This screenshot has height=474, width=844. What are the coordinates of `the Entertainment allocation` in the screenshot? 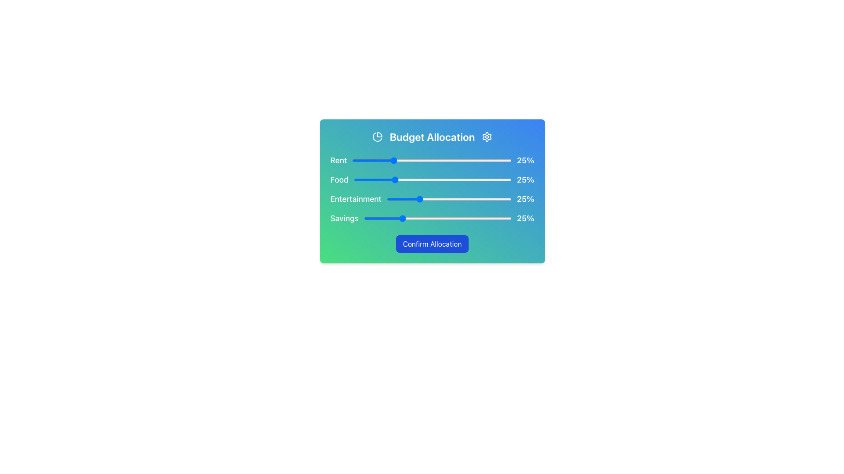 It's located at (397, 199).